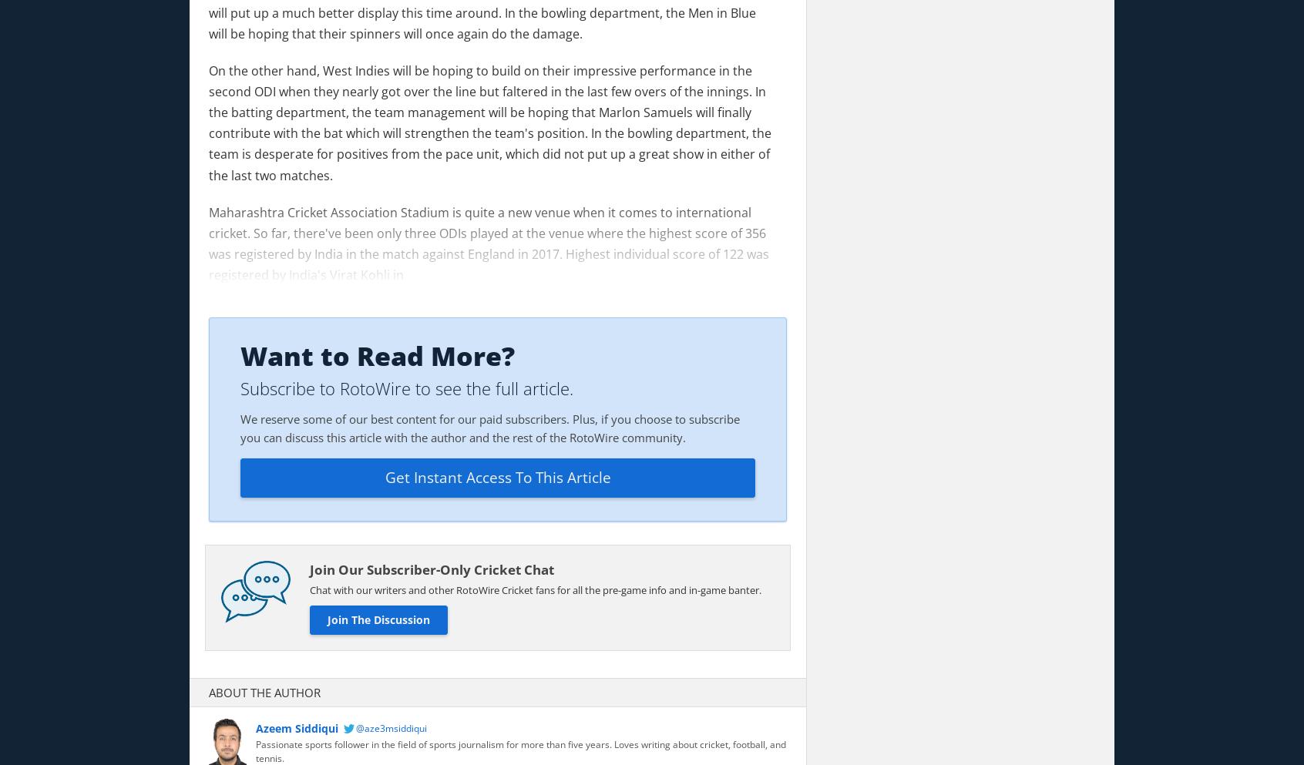 This screenshot has height=765, width=1304. Describe the element at coordinates (209, 691) in the screenshot. I see `'ABOUT THE AUTHOR'` at that location.